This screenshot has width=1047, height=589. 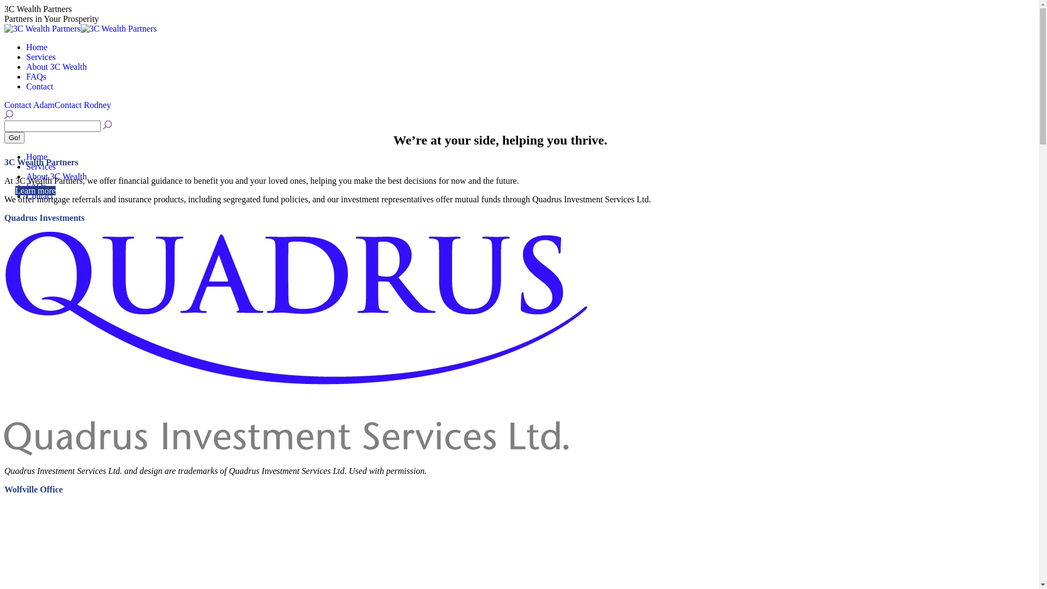 What do you see at coordinates (37, 46) in the screenshot?
I see `'Home'` at bounding box center [37, 46].